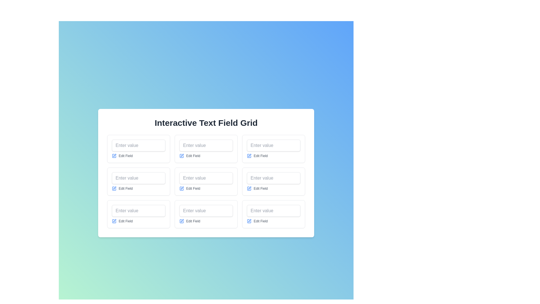 This screenshot has width=540, height=304. I want to click on the edit icon located in the top-left corner of the grid's cell beside the 'Edit Field' input, so click(114, 155).